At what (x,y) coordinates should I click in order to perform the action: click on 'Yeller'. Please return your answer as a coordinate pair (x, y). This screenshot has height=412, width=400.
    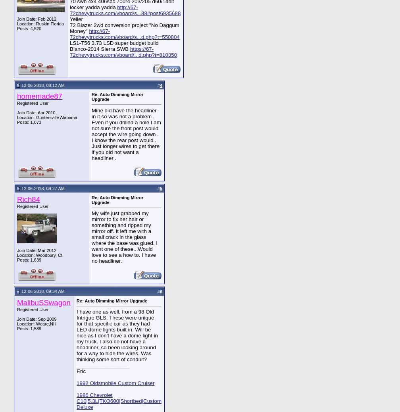
    Looking at the image, I should click on (76, 18).